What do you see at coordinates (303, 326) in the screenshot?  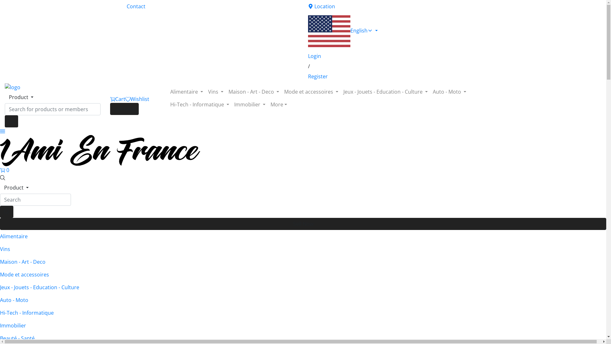 I see `'Immobilier'` at bounding box center [303, 326].